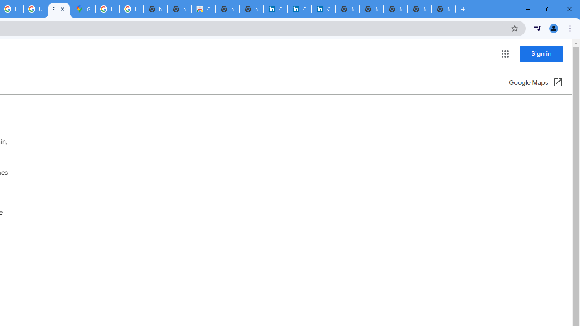 Image resolution: width=580 pixels, height=326 pixels. I want to click on 'Cookie Policy | LinkedIn', so click(299, 9).